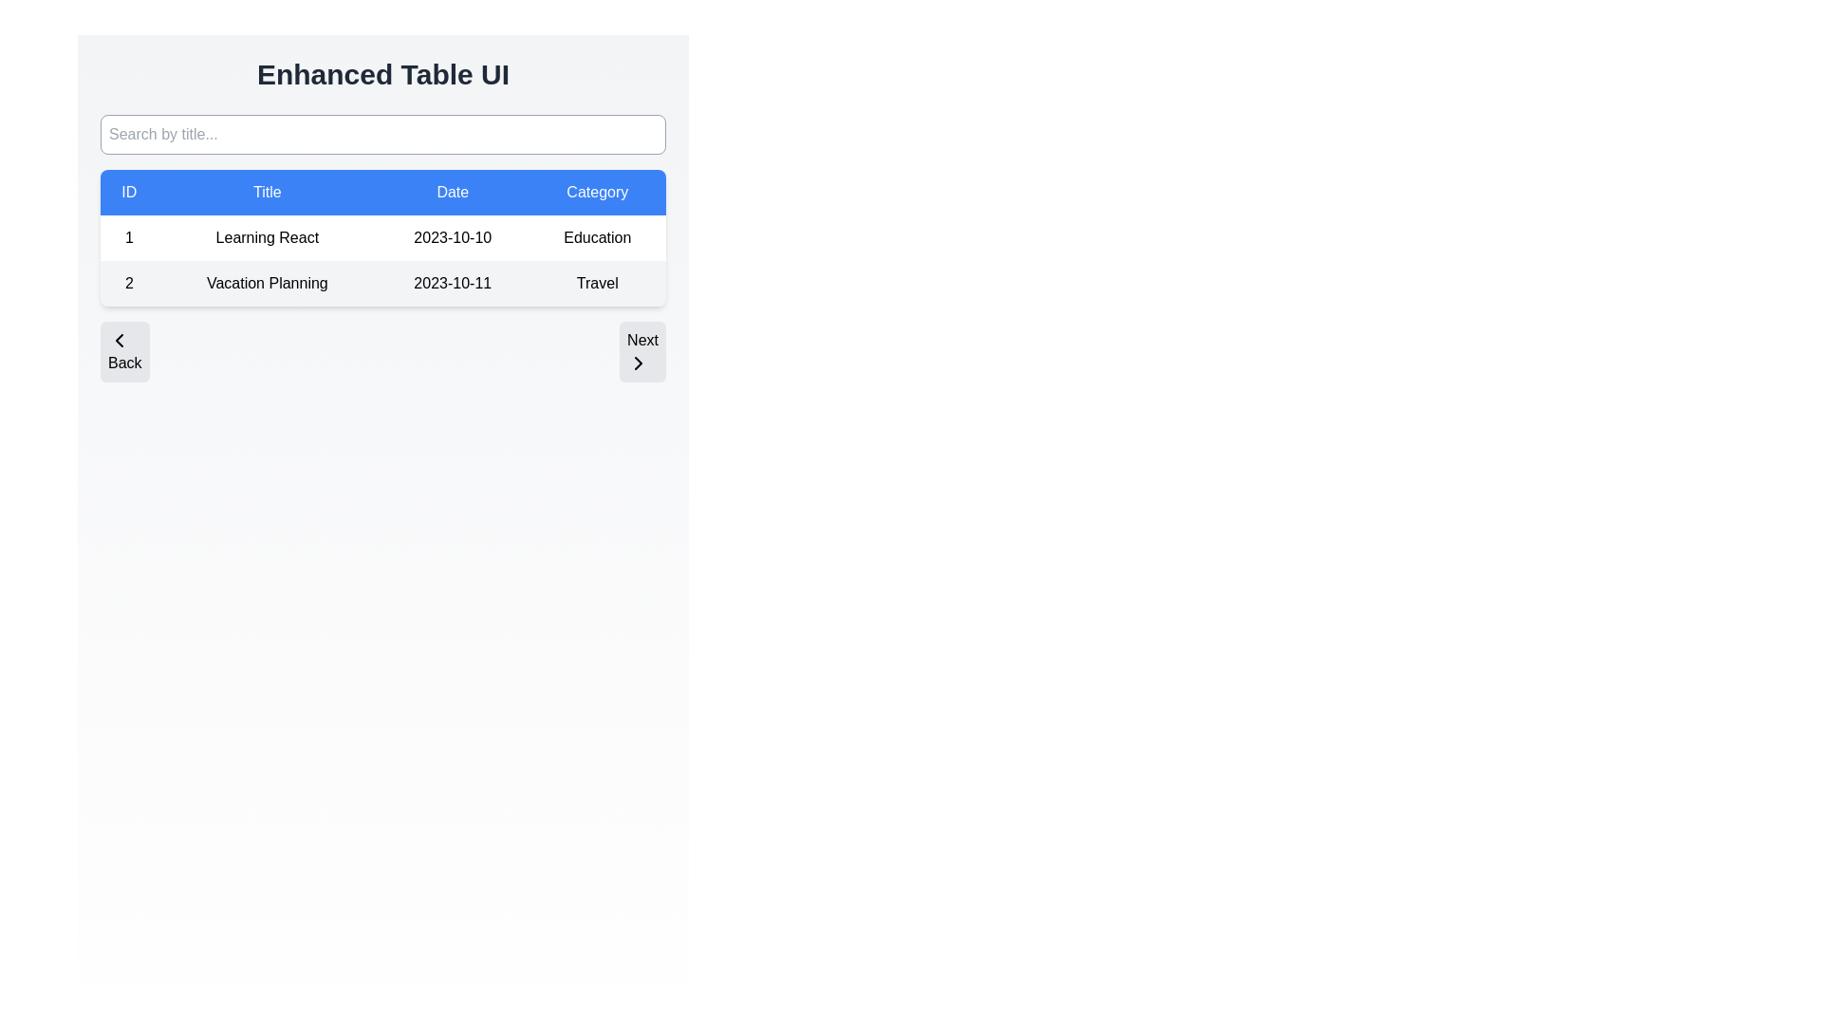 This screenshot has width=1822, height=1025. Describe the element at coordinates (118, 339) in the screenshot. I see `the 'Back' button containing the left-facing chevron icon` at that location.